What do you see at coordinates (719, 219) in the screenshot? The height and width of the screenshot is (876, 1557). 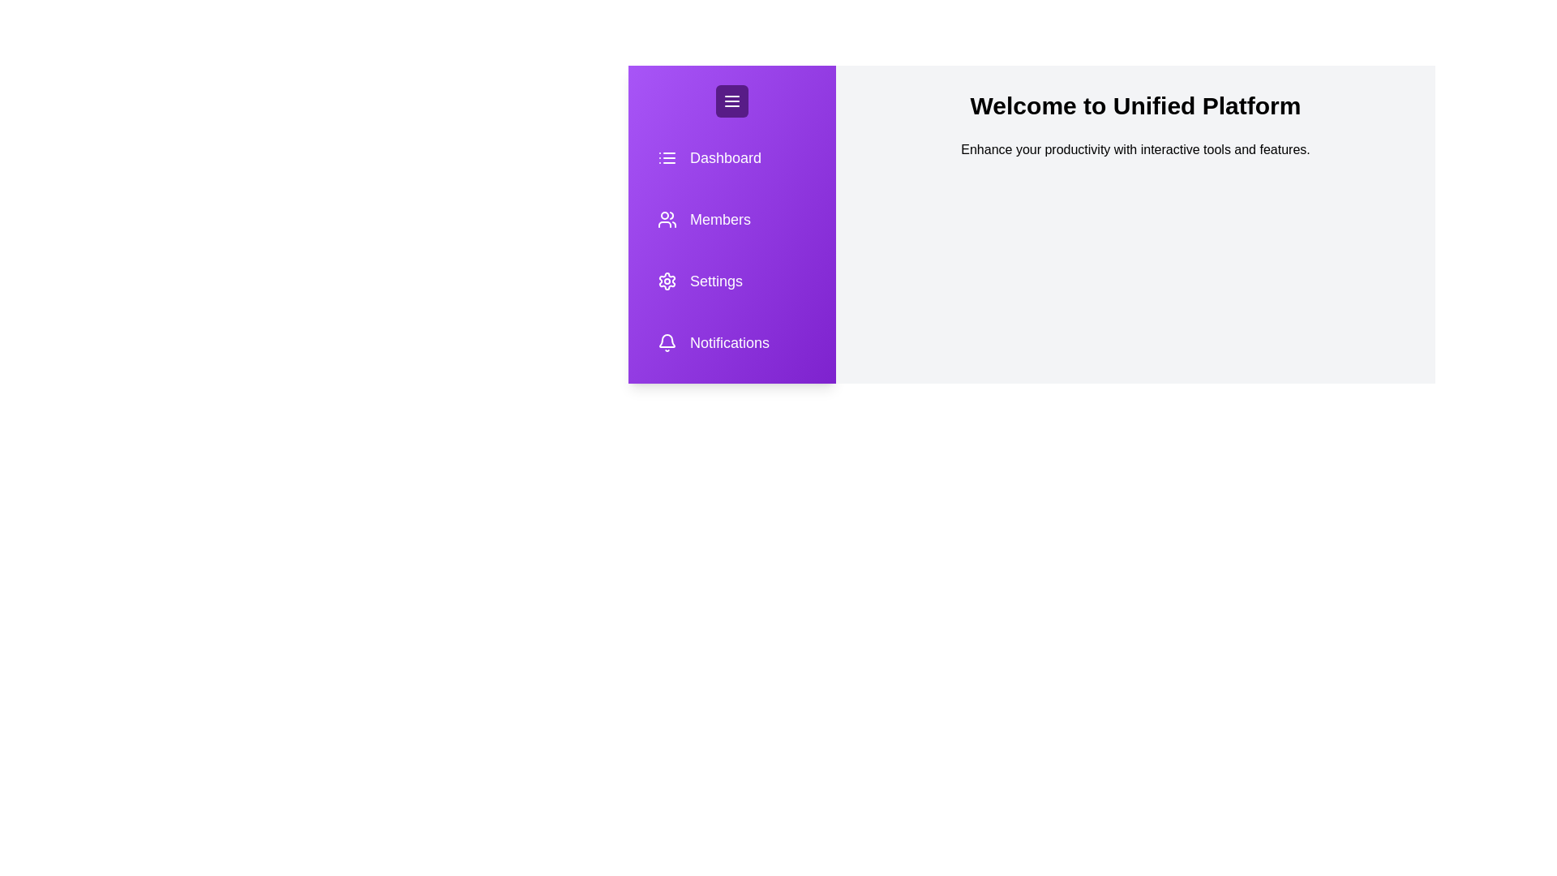 I see `the sidebar item labeled Members` at bounding box center [719, 219].